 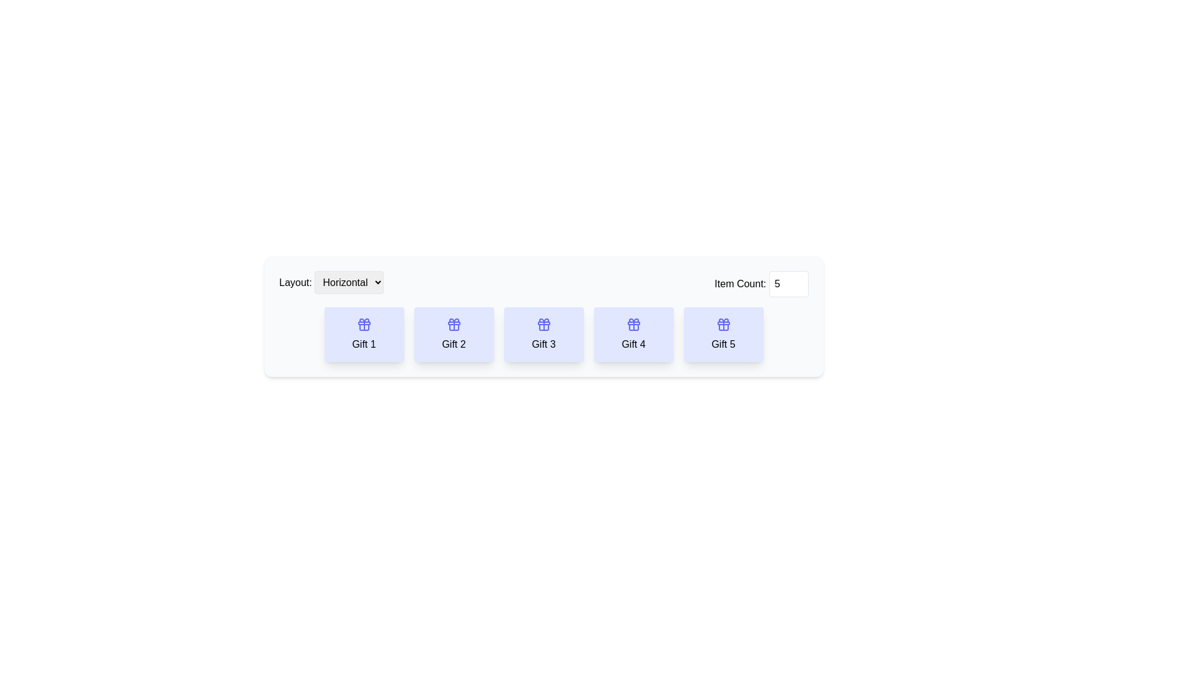 I want to click on the decorative graphical element representing a horizontal stripe in the third gift box icon within the SVG, so click(x=543, y=323).